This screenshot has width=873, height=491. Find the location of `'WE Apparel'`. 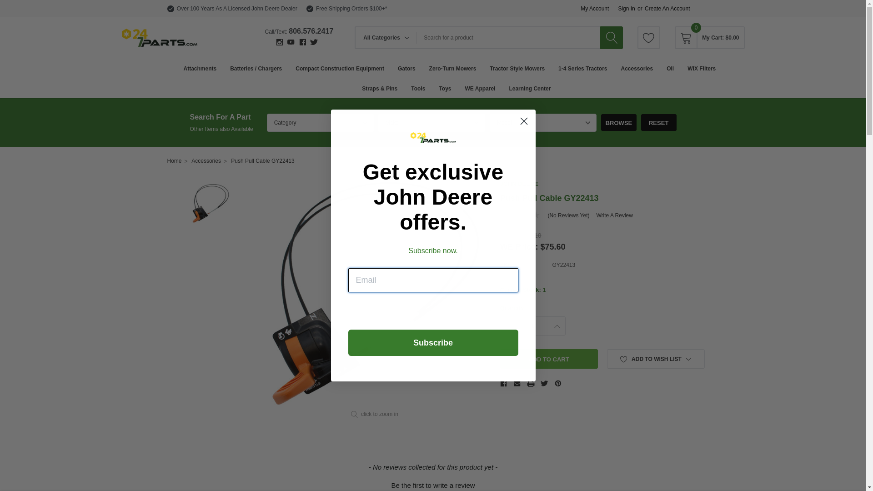

'WE Apparel' is located at coordinates (480, 88).